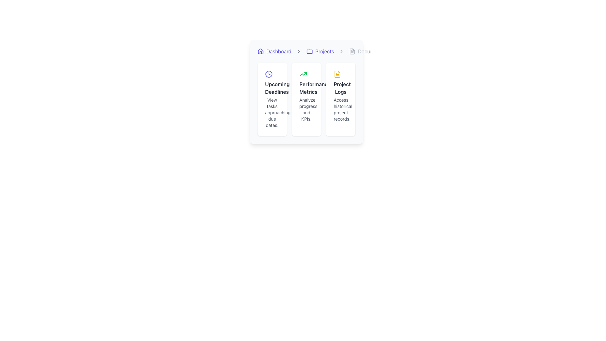  What do you see at coordinates (306, 109) in the screenshot?
I see `descriptive text block located below the 'Performance Metrics' heading within the 'Performance Metrics' card, which provides insights about analyzing progress and KPIs` at bounding box center [306, 109].